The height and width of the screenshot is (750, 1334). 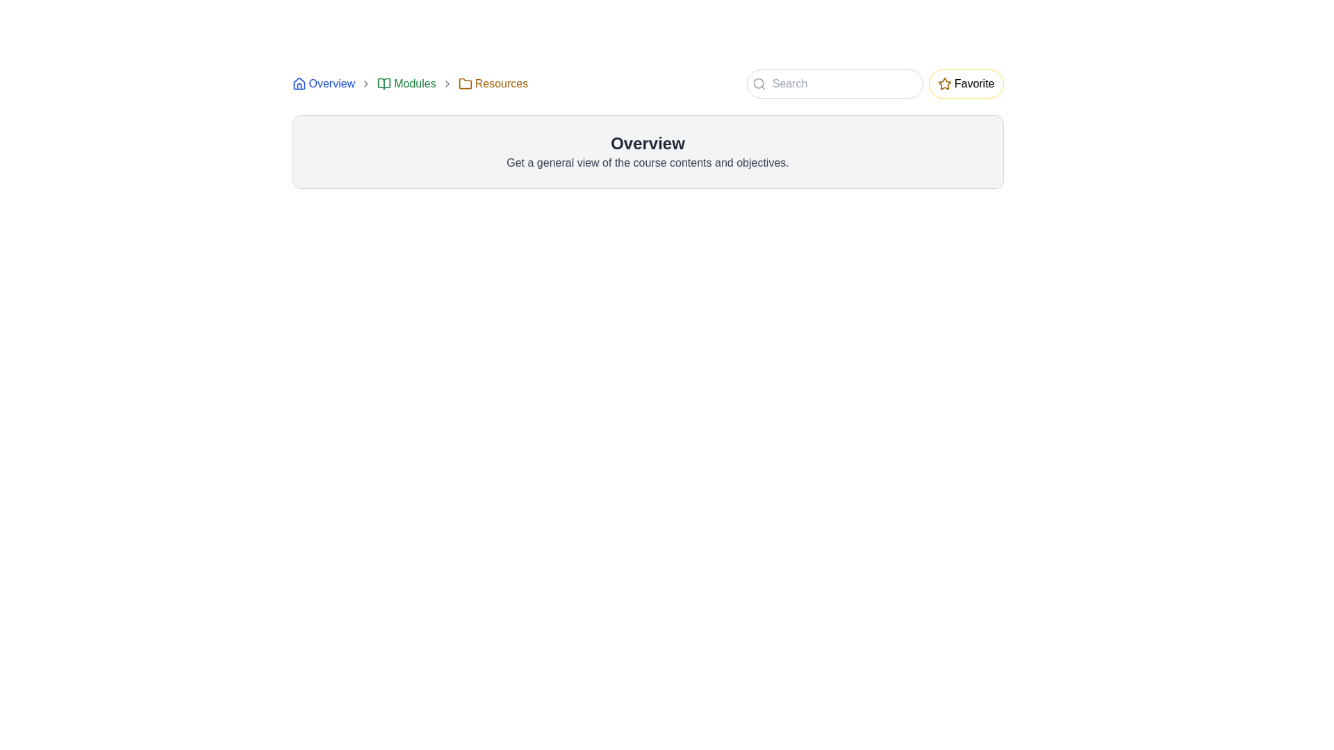 I want to click on the Text Label element that displays supplementary information beneath the bold title 'Overview', which is centrally located in a light gray section, so click(x=647, y=162).